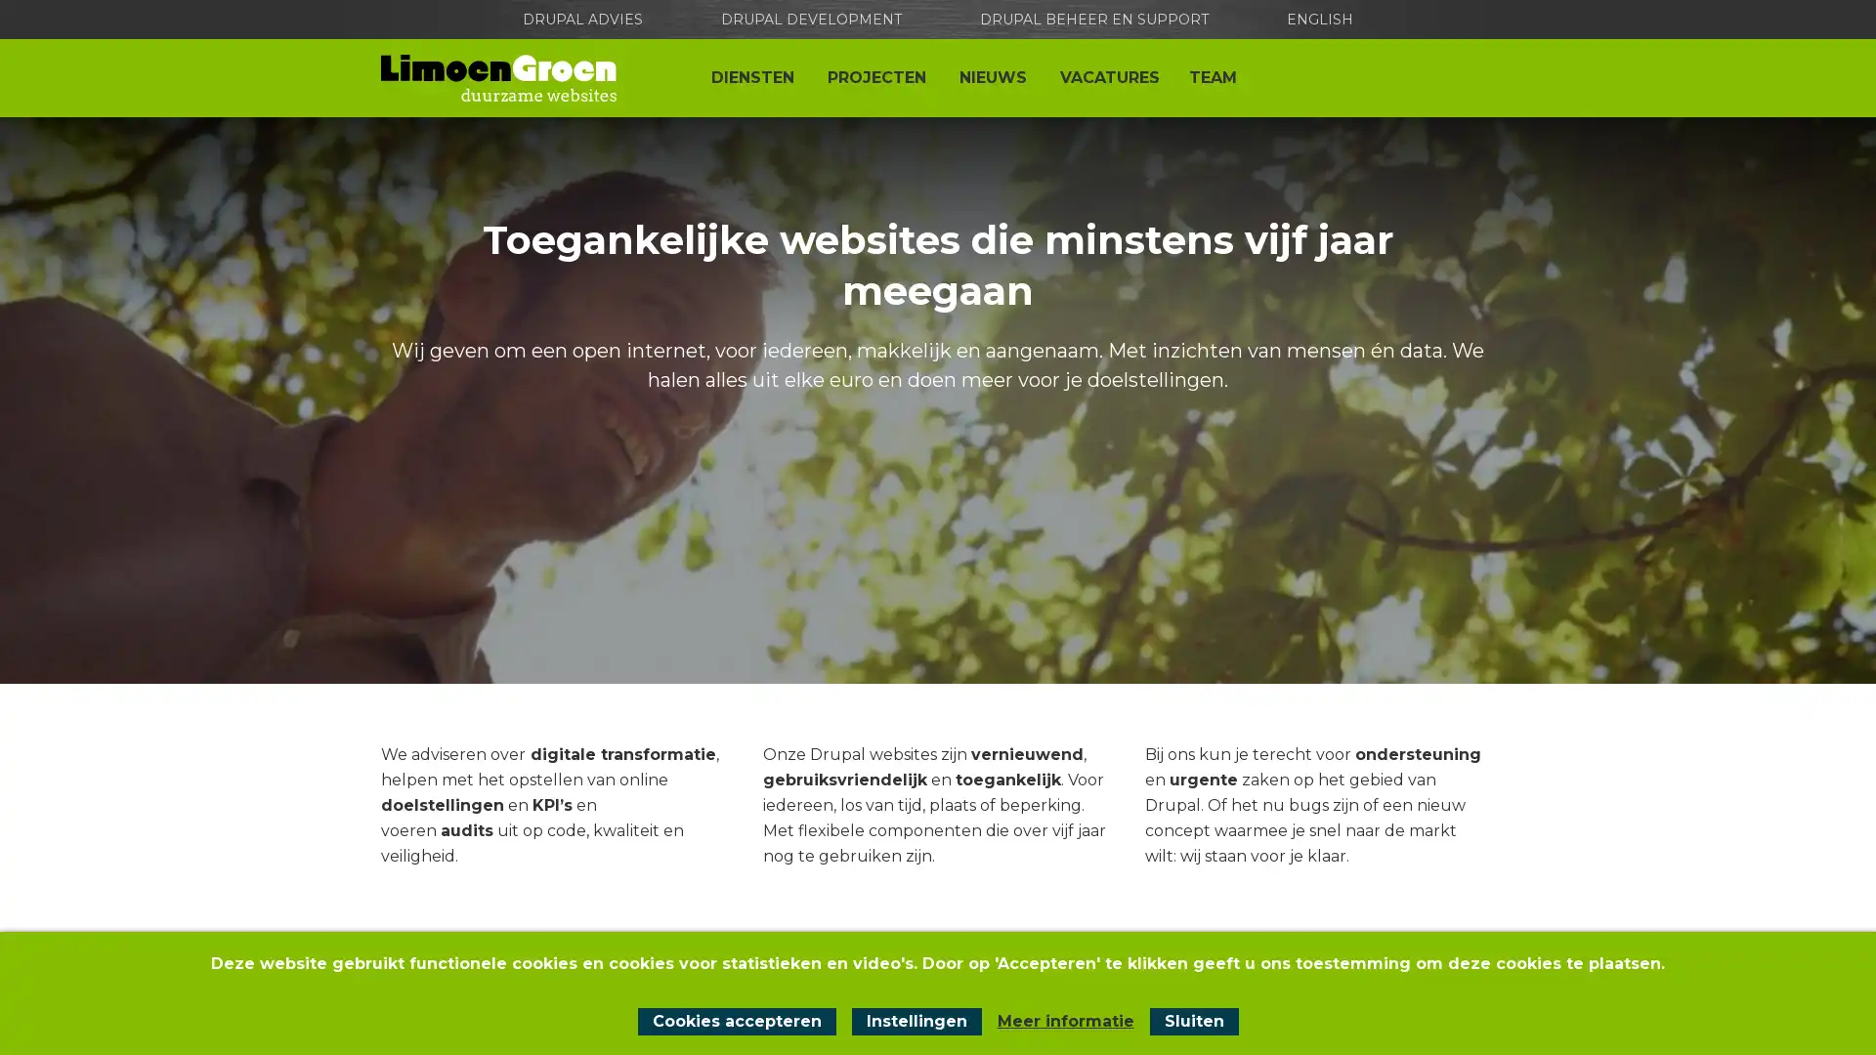 The width and height of the screenshot is (1876, 1055). I want to click on Sluit cookiemelding, so click(1192, 1020).